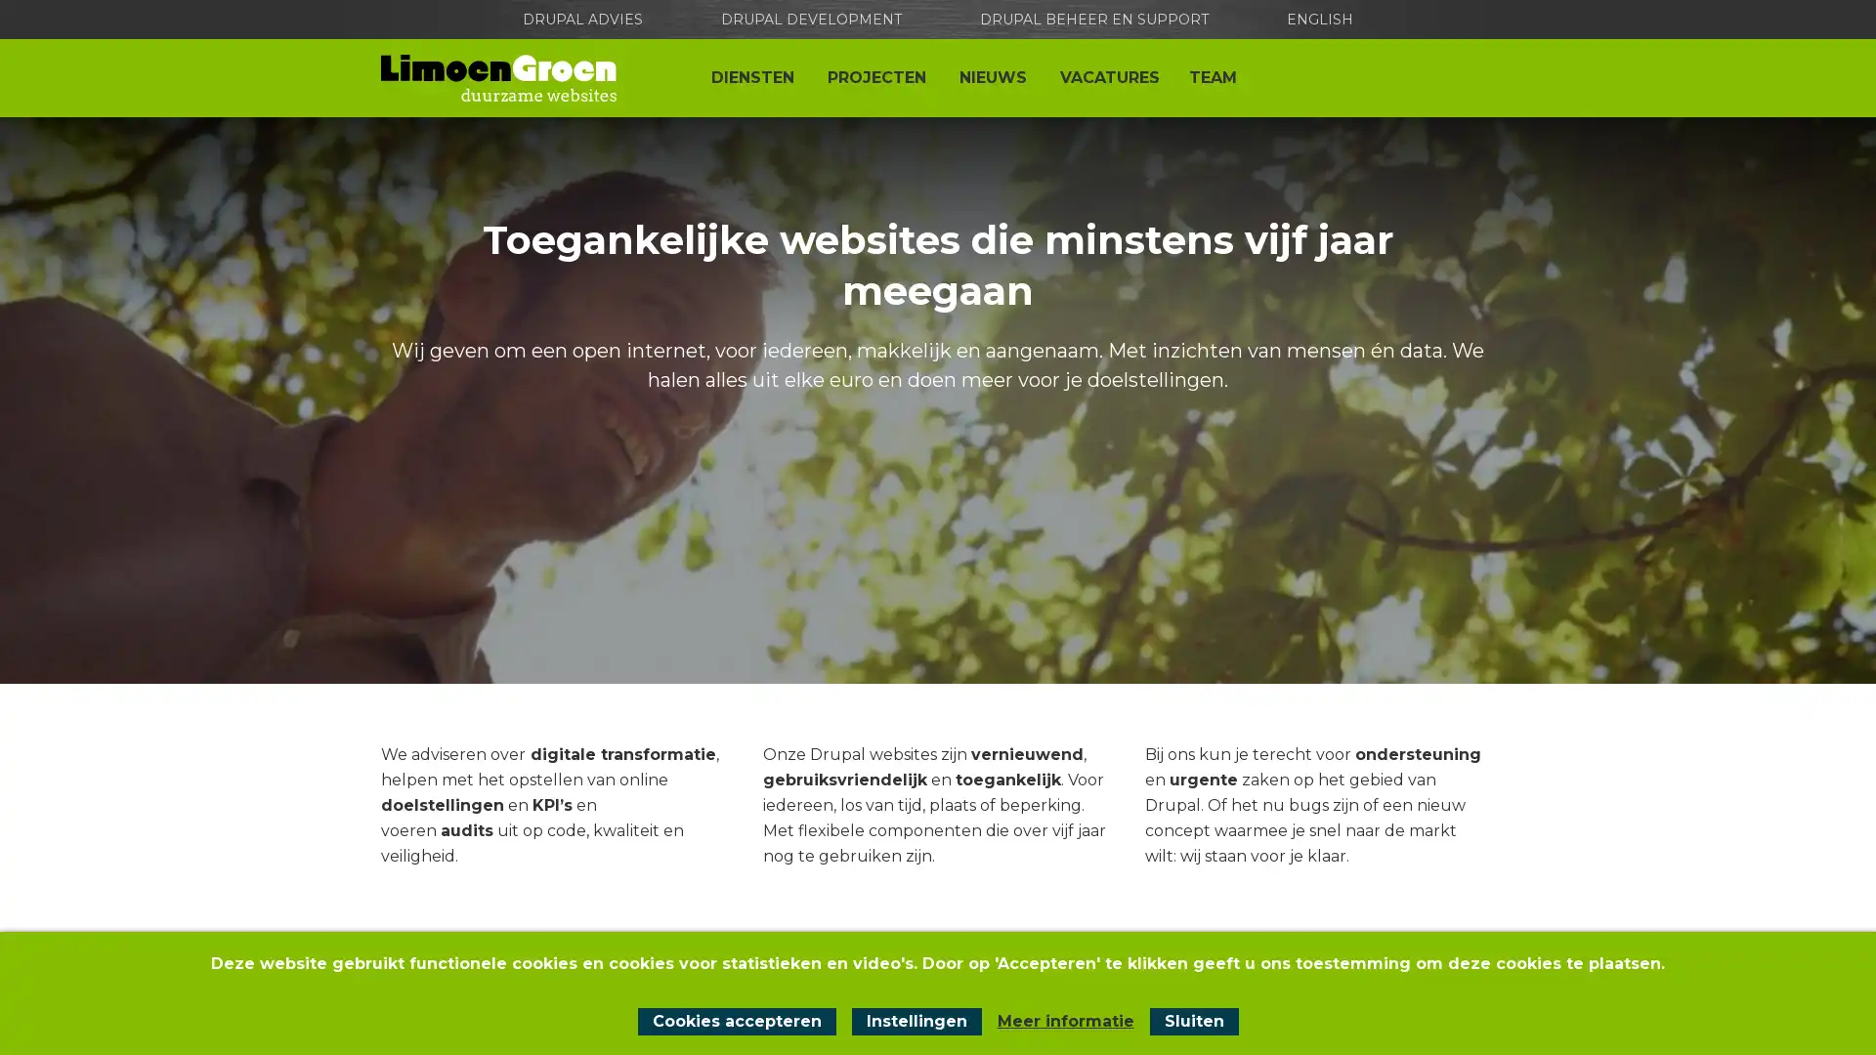 The width and height of the screenshot is (1876, 1055). I want to click on Sluit cookiemelding, so click(1192, 1020).